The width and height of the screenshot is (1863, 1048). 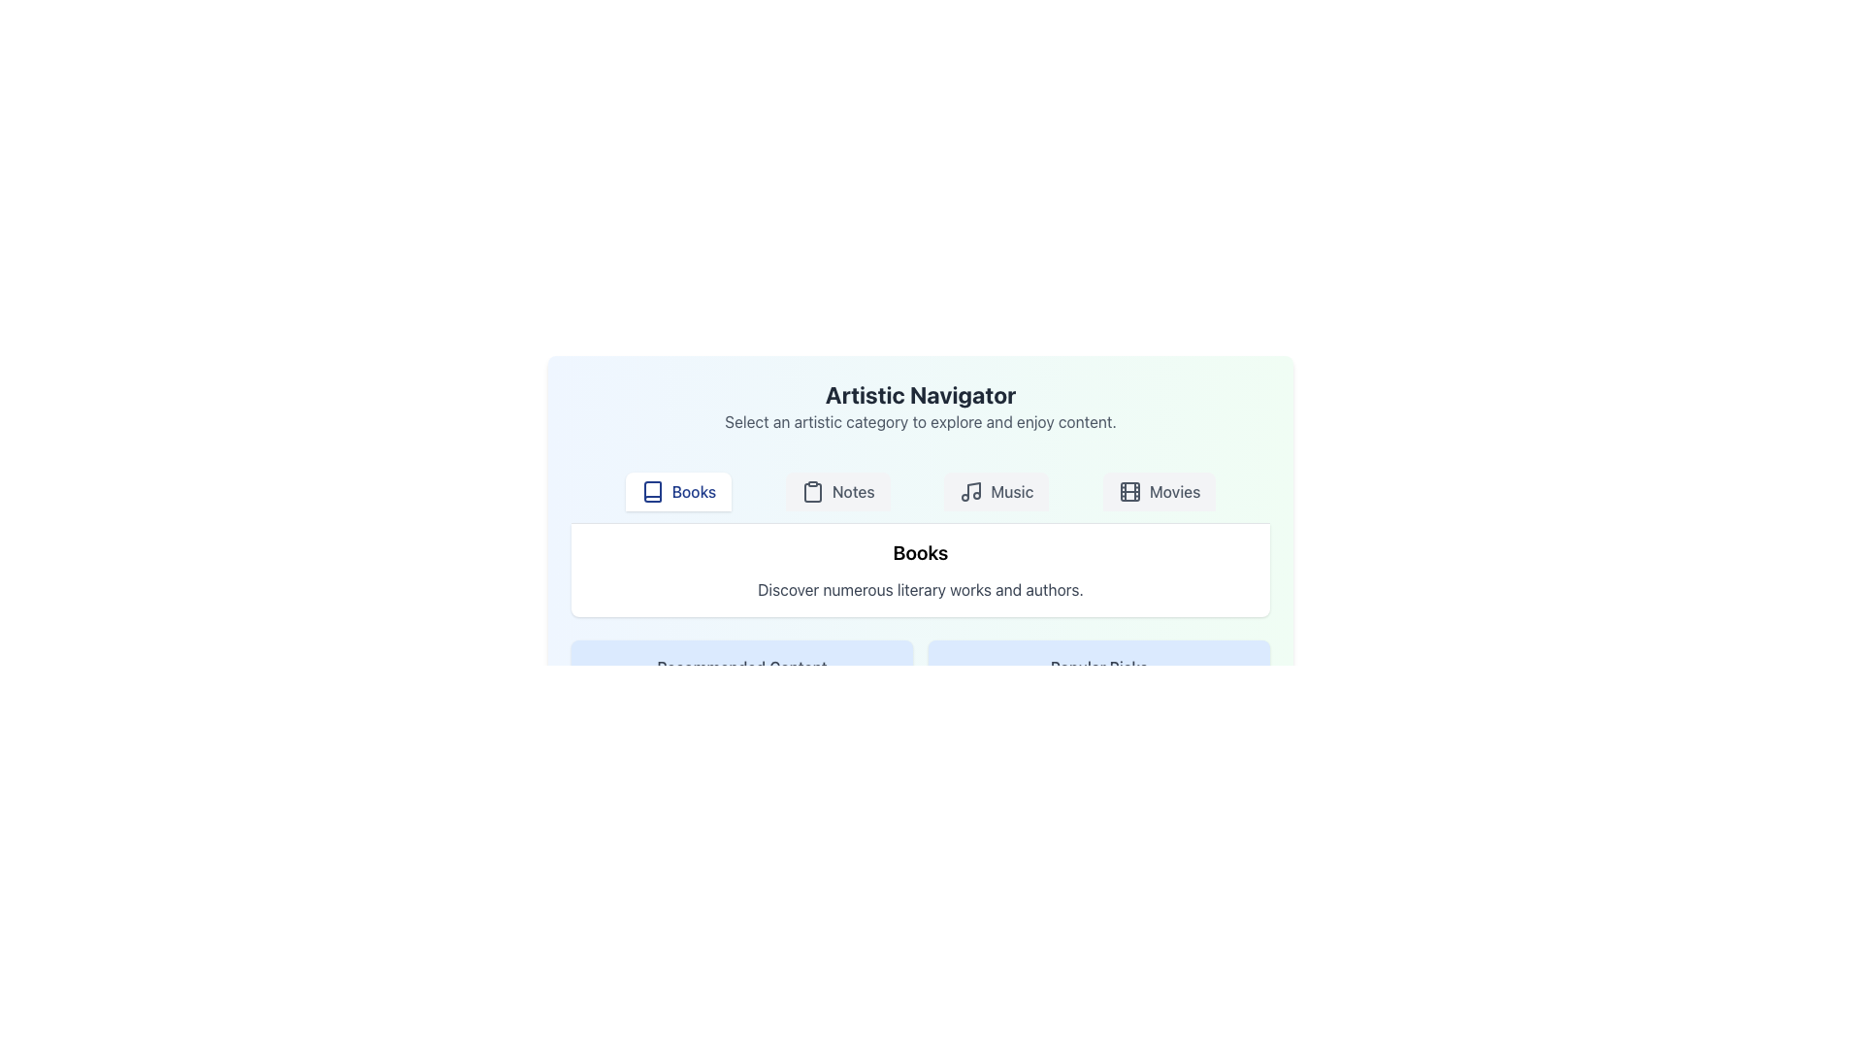 I want to click on the 'Notes' text label, which is displayed in medium, gray, sans-serif font, located to the right of a clipboard icon in the category selection area, so click(x=853, y=490).